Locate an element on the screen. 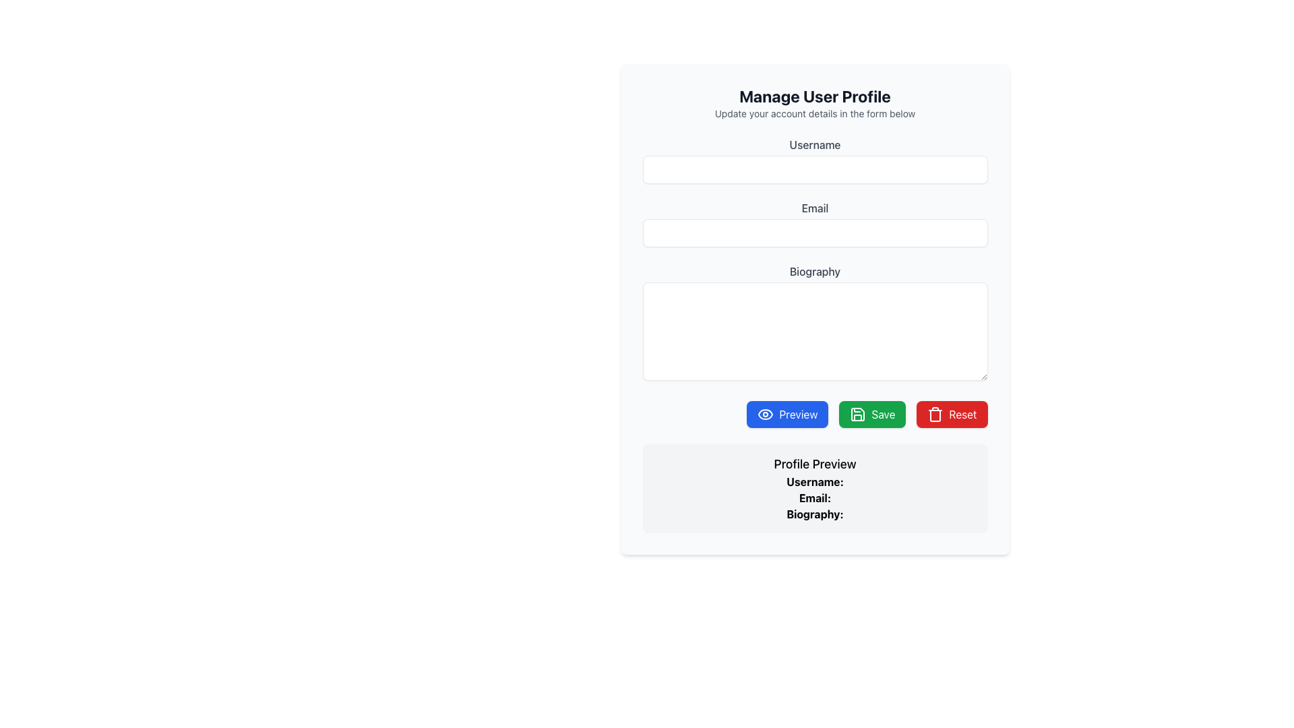  the 'Profile Preview' heading, which is a bold, medium-large static text element styled in sans-serif font, located at the top of the user details section is located at coordinates (814, 464).